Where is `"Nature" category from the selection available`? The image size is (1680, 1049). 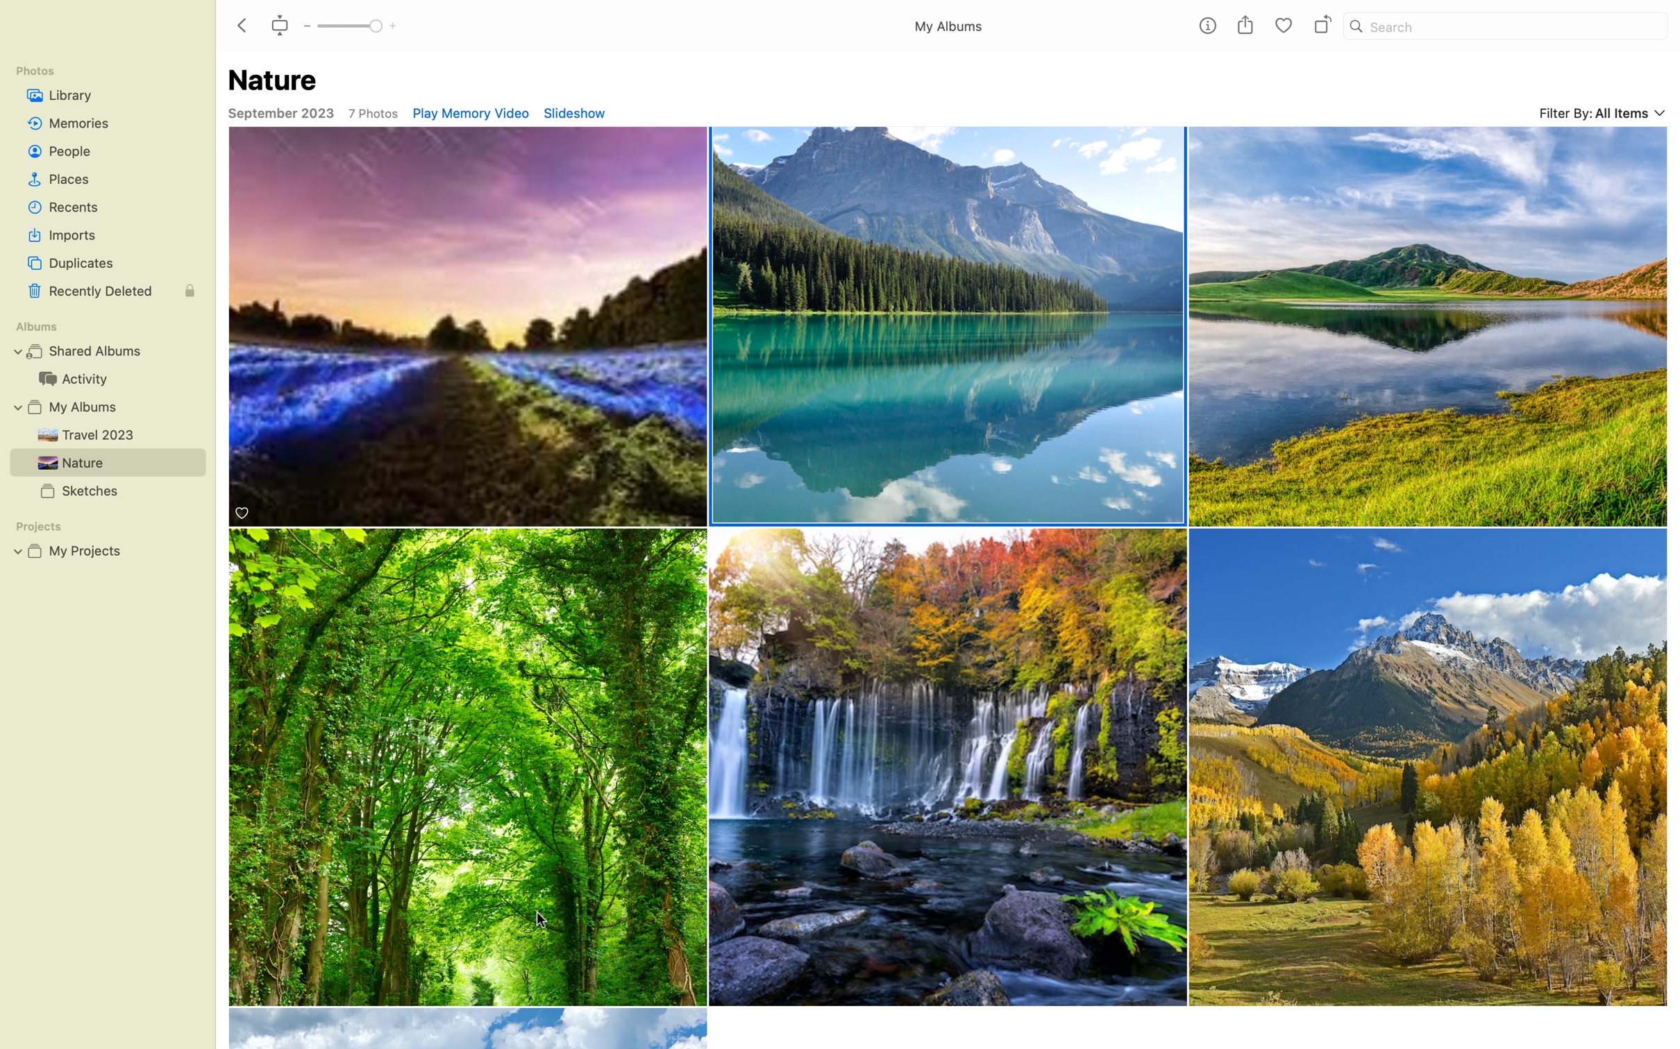 "Nature" category from the selection available is located at coordinates (949, 325).